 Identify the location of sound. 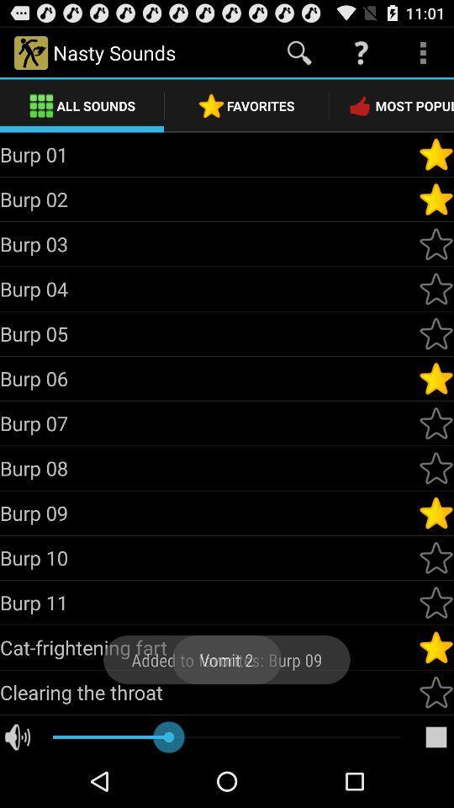
(436, 332).